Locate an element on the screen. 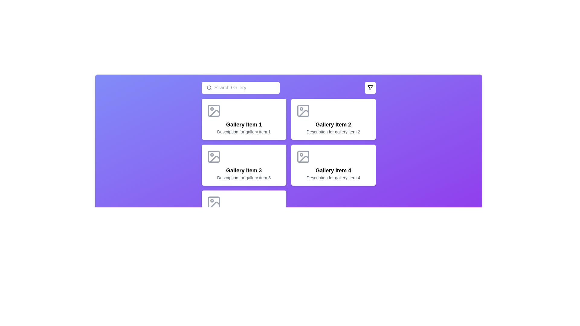  the static text label that provides context for 'Gallery Item 3', located below its title within the third gallery card in the middle row, first column is located at coordinates (244, 177).